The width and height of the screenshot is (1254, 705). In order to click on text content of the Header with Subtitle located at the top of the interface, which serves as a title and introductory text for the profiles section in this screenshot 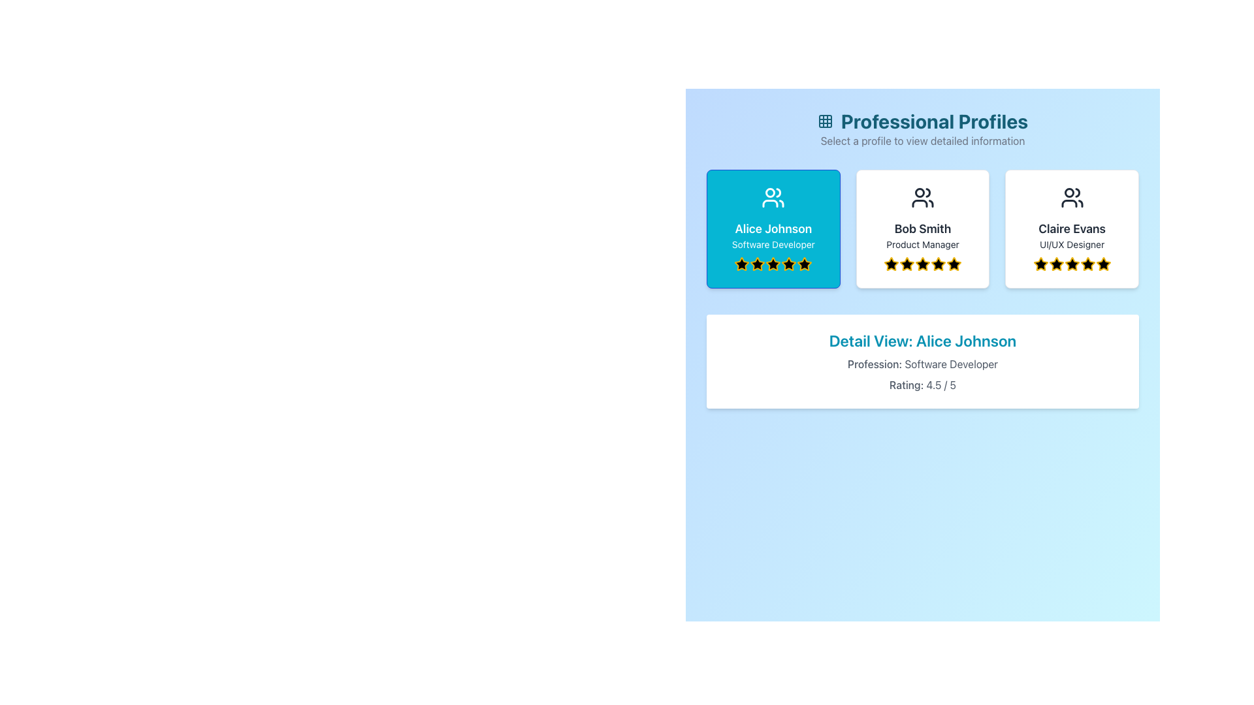, I will do `click(922, 129)`.